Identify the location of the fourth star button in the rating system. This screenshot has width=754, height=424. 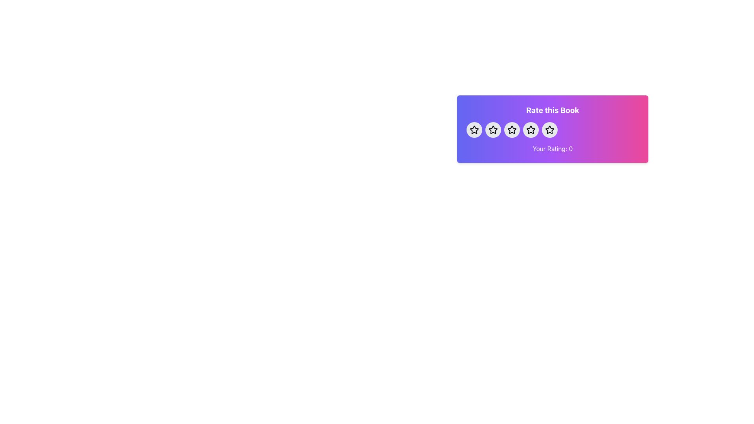
(531, 130).